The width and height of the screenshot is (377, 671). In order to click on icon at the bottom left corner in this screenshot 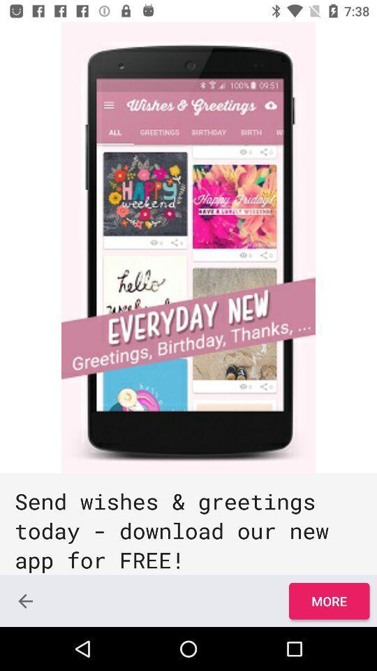, I will do `click(25, 600)`.